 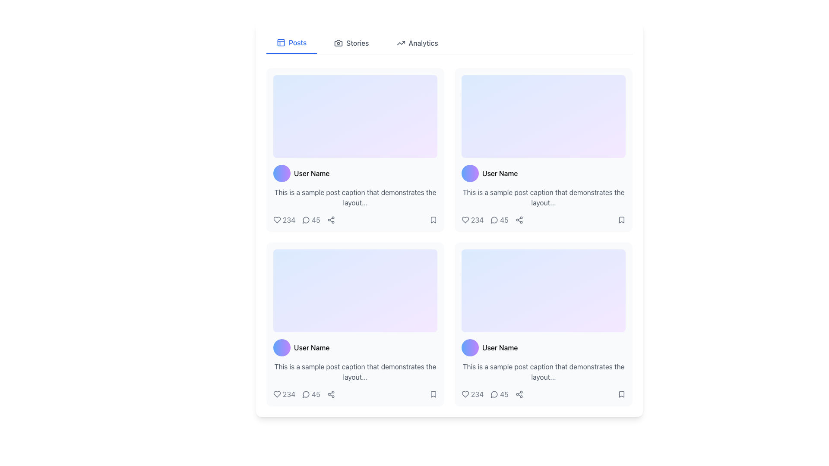 What do you see at coordinates (622, 219) in the screenshot?
I see `the bookmark icon button, which is a small, stylized, outlined book symbol located at the far right of the row of user interaction statistics and icons` at bounding box center [622, 219].